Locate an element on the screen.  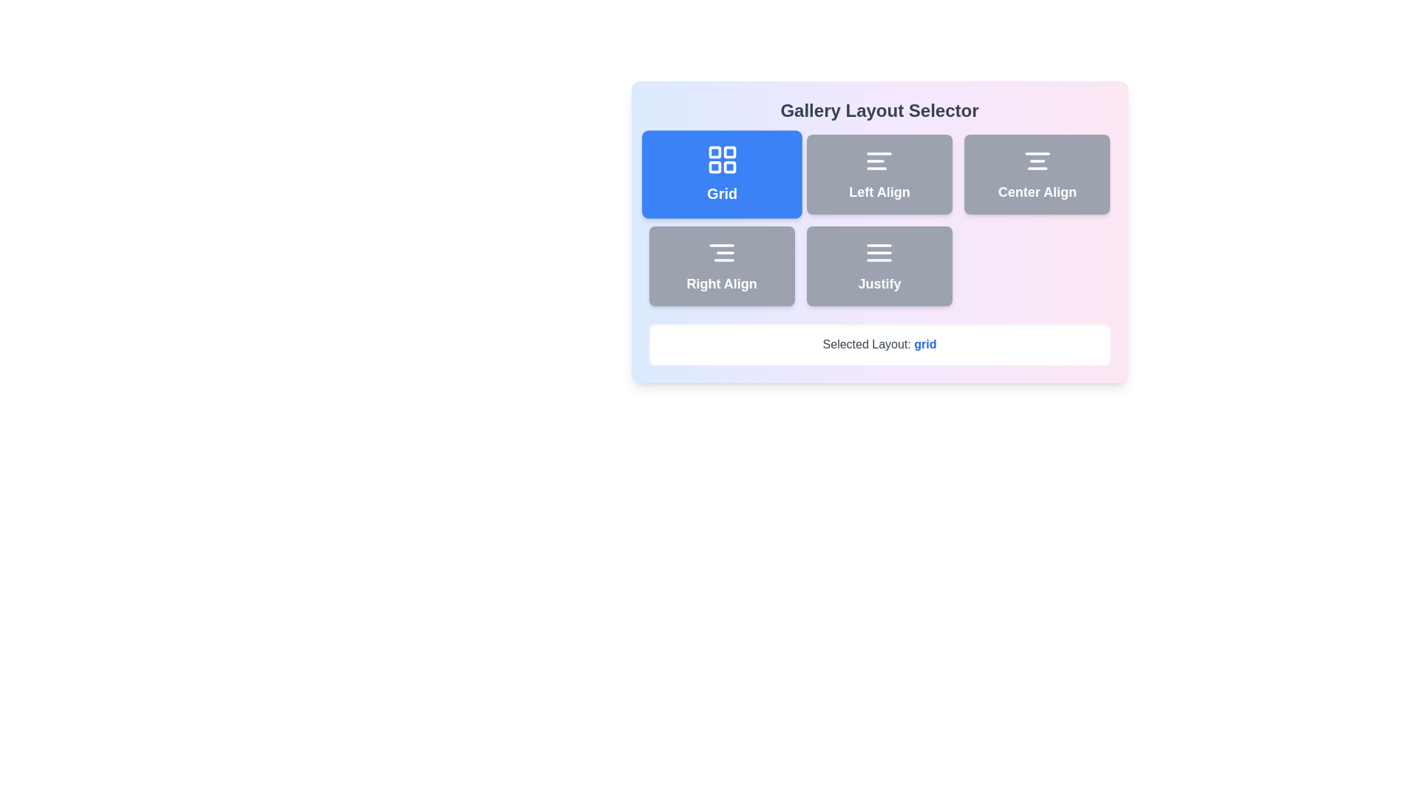
the 'Right Align' button, which contains a graphical icon for aligning text or content to the right edge is located at coordinates (722, 252).